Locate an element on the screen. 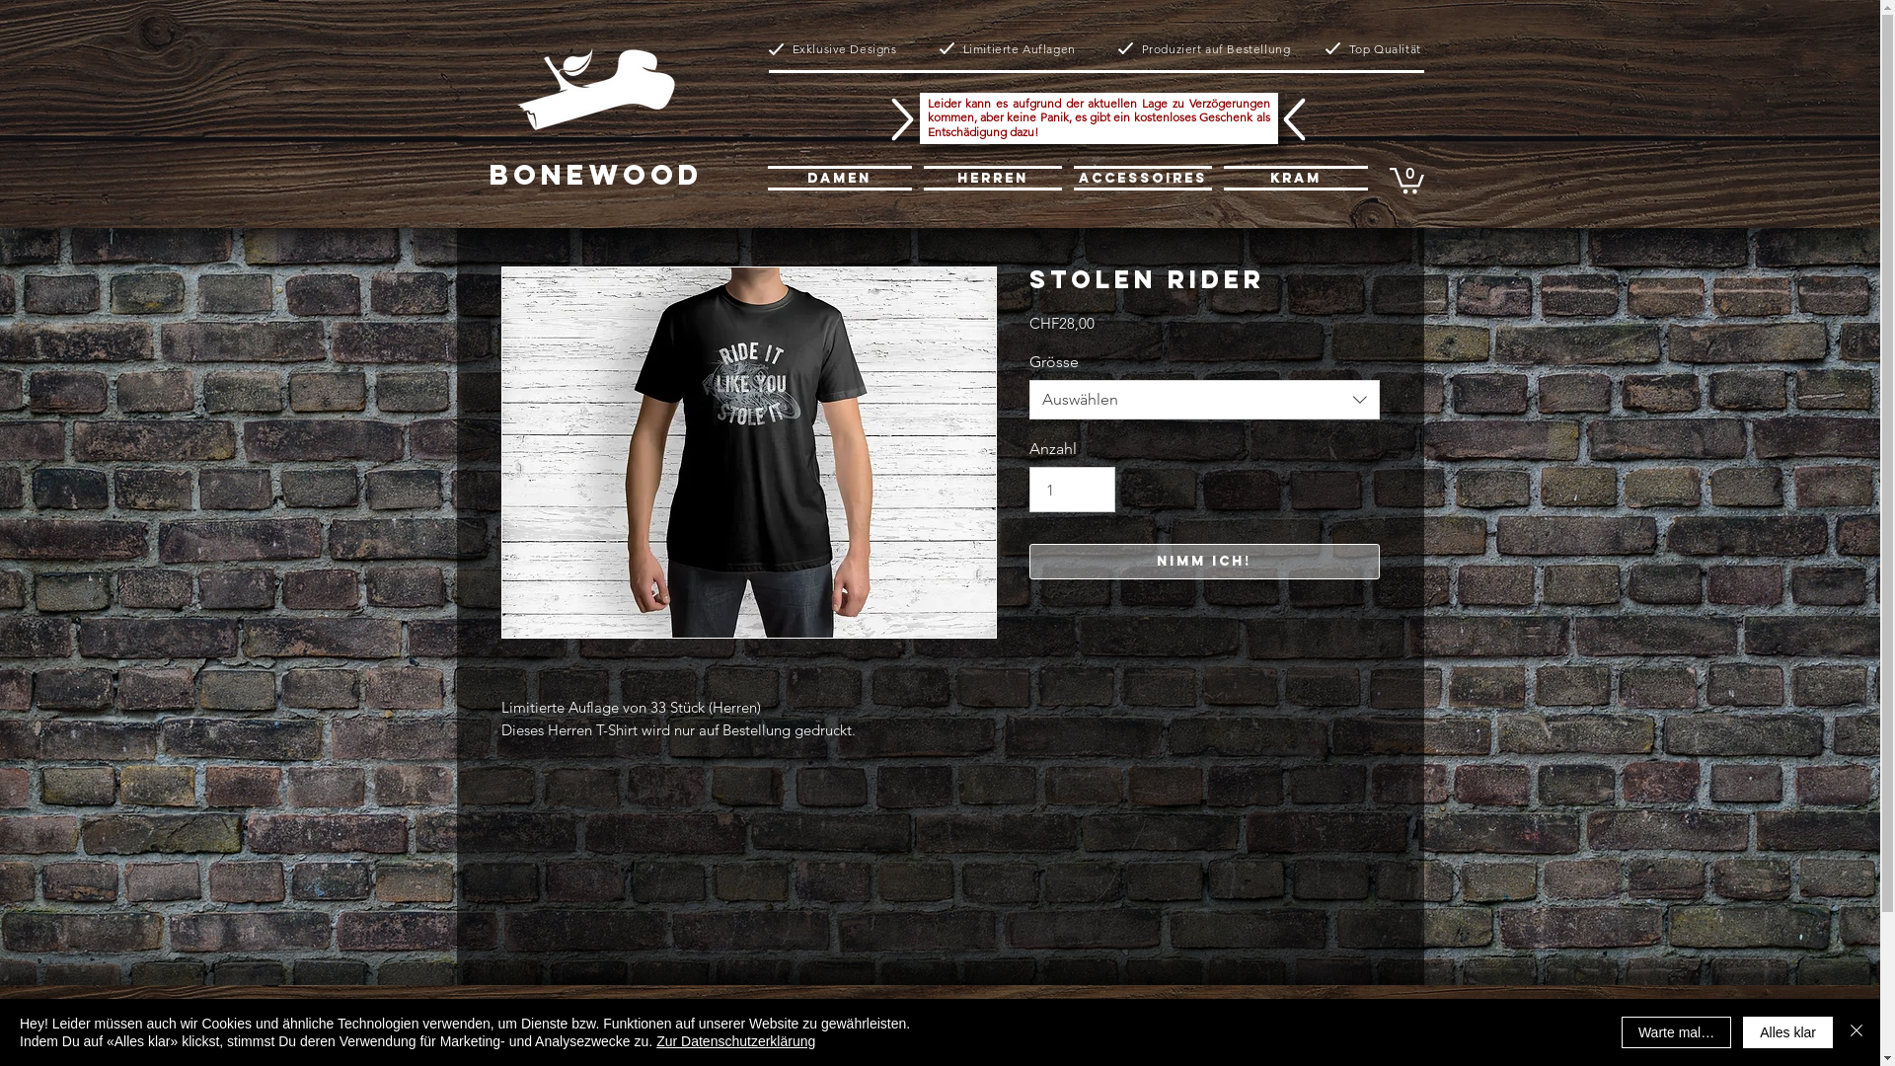  '0' is located at coordinates (1405, 179).